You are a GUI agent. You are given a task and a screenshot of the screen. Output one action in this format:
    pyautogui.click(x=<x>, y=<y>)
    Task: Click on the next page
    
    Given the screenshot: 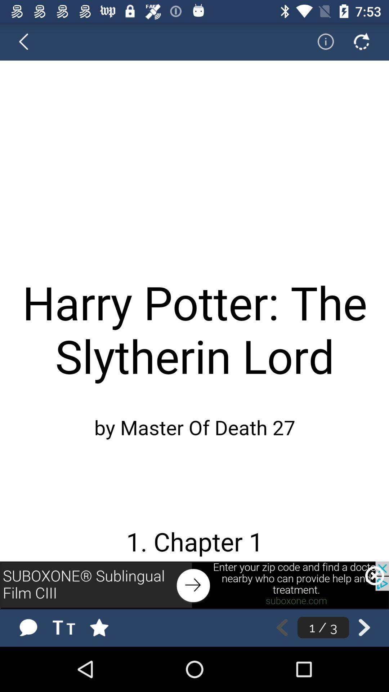 What is the action you would take?
    pyautogui.click(x=364, y=627)
    